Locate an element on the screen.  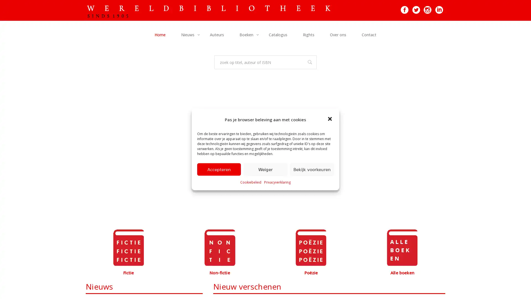
Bekijk voorkeuren is located at coordinates (312, 169).